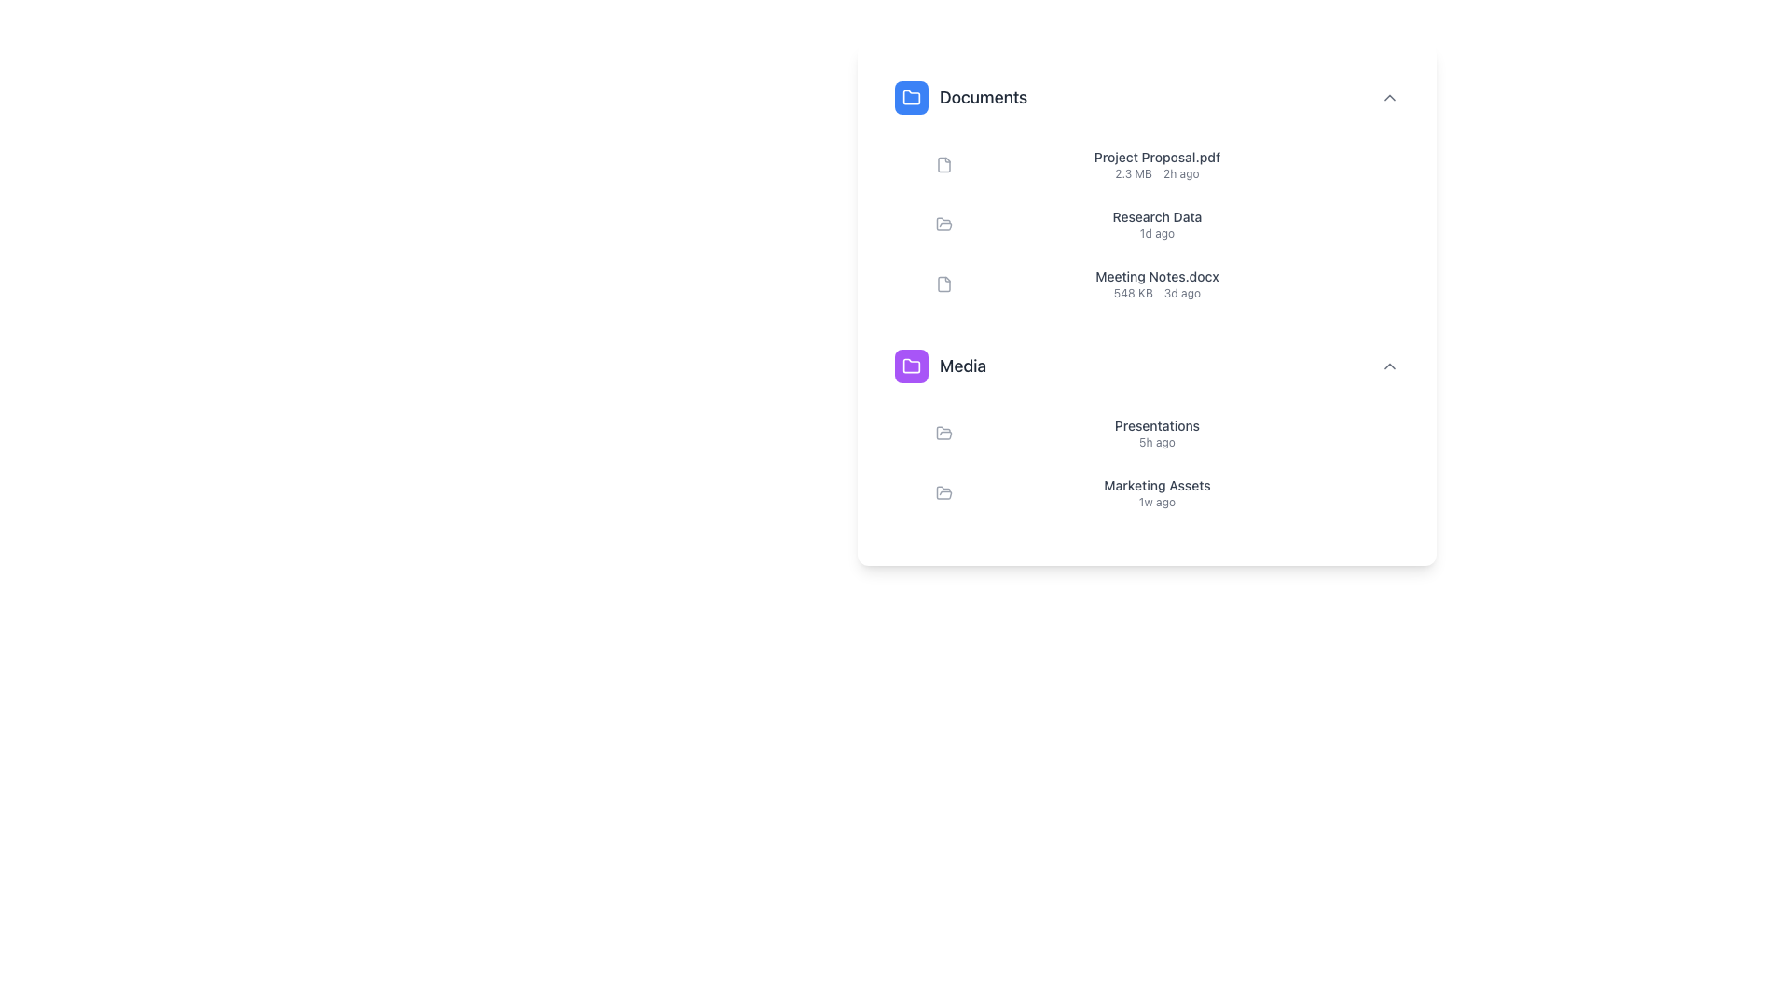 The height and width of the screenshot is (1007, 1790). Describe the element at coordinates (1156, 164) in the screenshot. I see `the static text element displaying the file information 'Project Proposal.pdf' located in the 'Documents' section, which is the second item in the file list` at that location.